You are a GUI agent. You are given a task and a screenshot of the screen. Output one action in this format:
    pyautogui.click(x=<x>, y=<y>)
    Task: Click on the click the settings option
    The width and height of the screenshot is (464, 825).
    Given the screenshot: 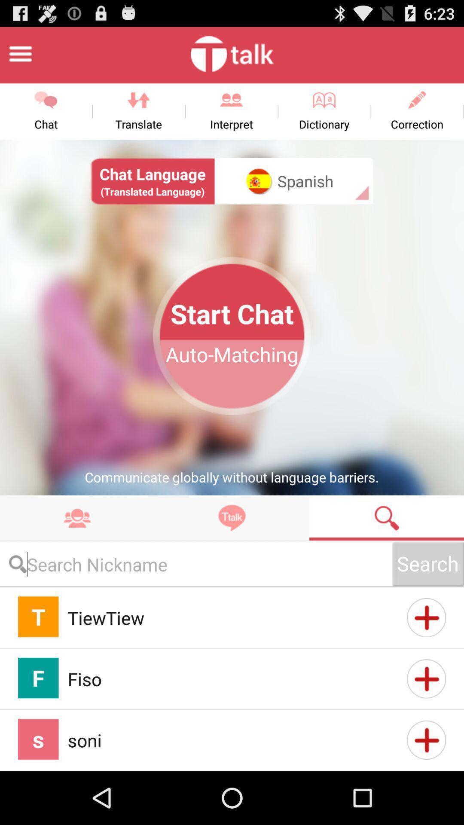 What is the action you would take?
    pyautogui.click(x=20, y=53)
    